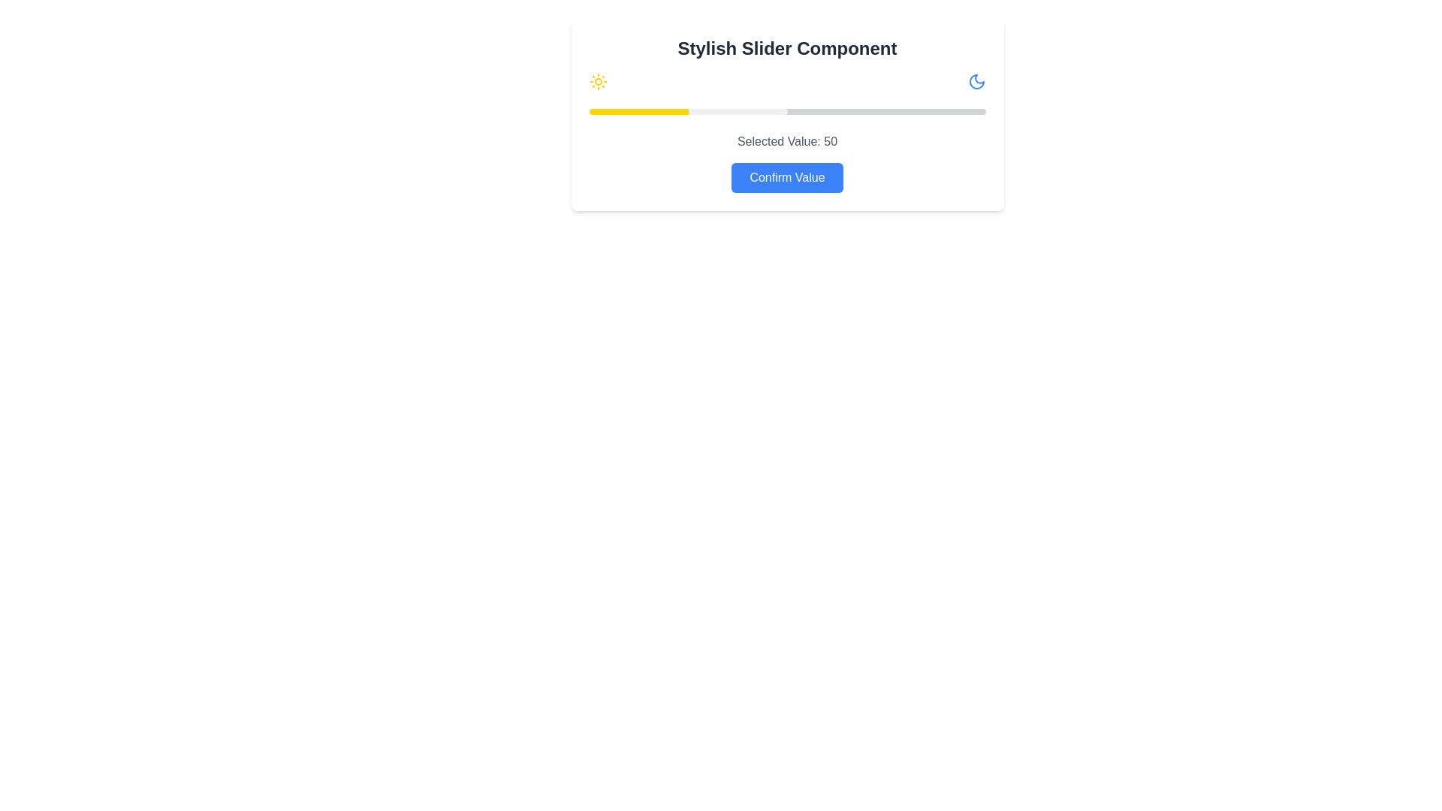  Describe the element at coordinates (613, 111) in the screenshot. I see `the slider to set its value to 6` at that location.